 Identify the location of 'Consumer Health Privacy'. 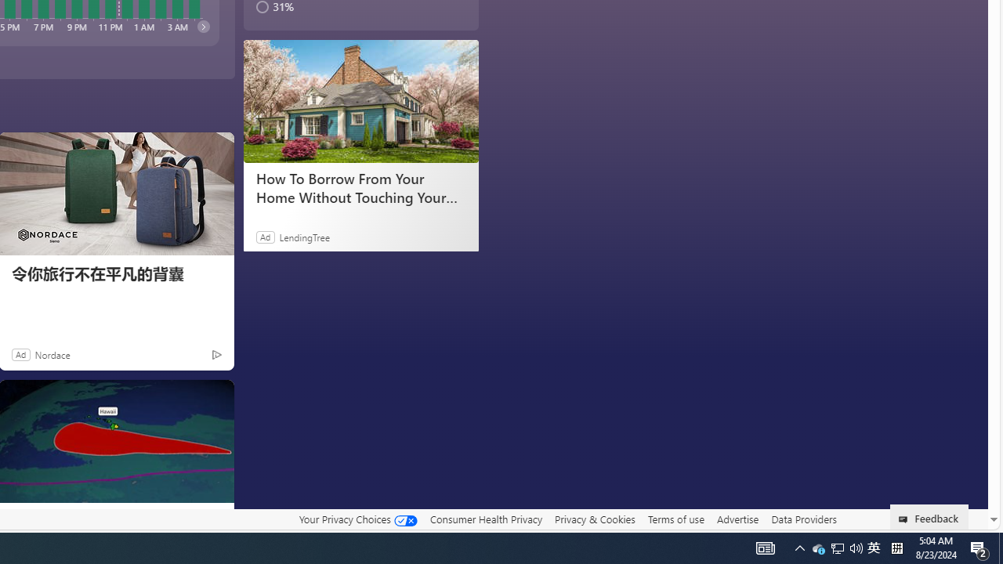
(485, 519).